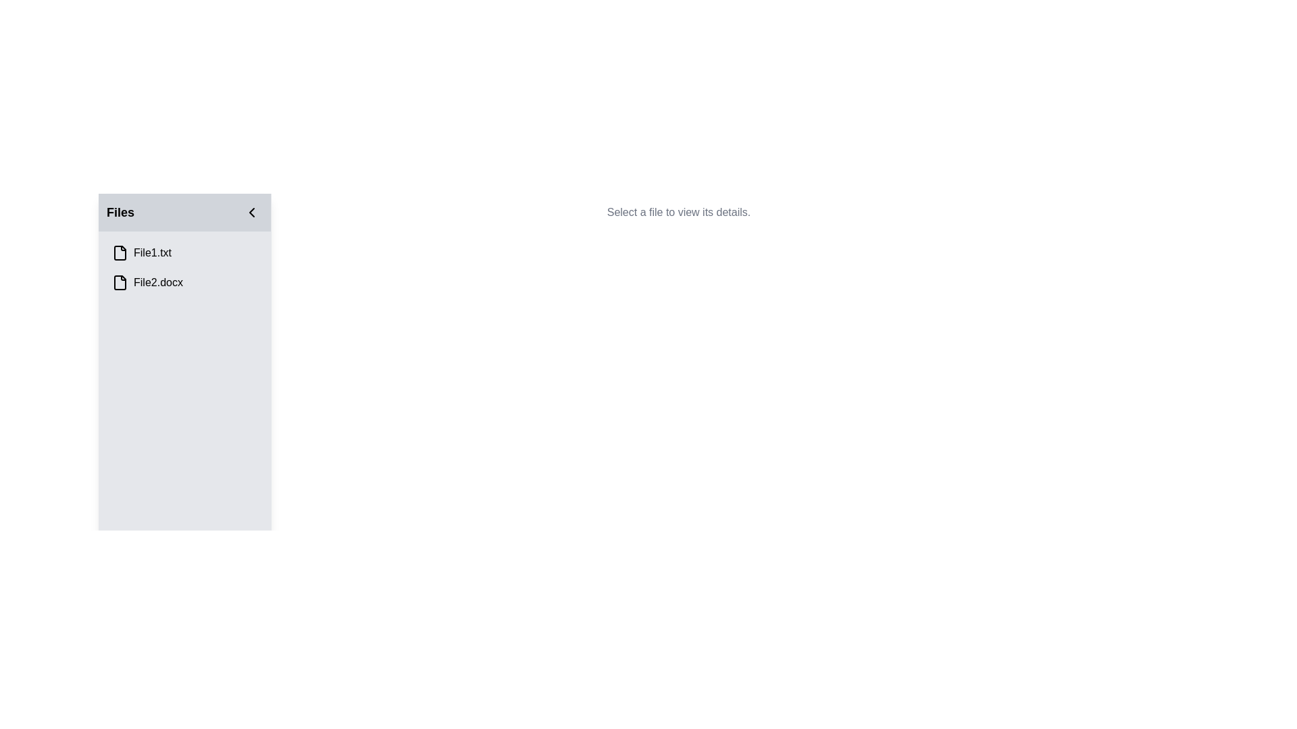 Image resolution: width=1297 pixels, height=729 pixels. What do you see at coordinates (120, 252) in the screenshot?
I see `the file icon representing 'File1.txt', which is styled as a simplified document symbol with a folded corner, located in the left navigation pane` at bounding box center [120, 252].